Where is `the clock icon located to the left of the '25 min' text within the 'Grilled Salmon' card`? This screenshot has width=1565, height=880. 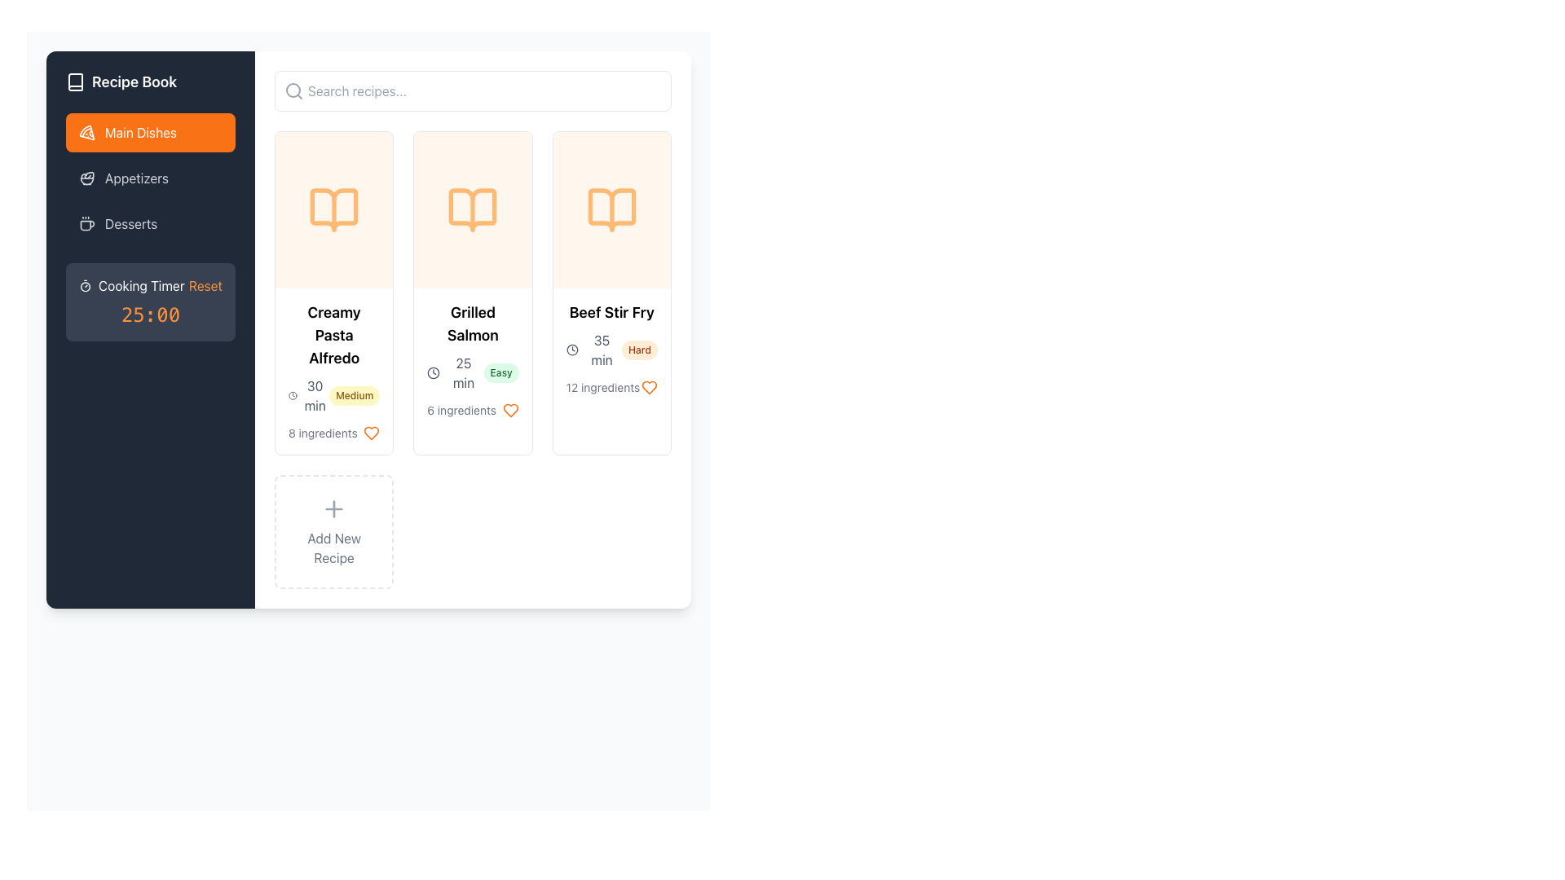 the clock icon located to the left of the '25 min' text within the 'Grilled Salmon' card is located at coordinates (434, 373).